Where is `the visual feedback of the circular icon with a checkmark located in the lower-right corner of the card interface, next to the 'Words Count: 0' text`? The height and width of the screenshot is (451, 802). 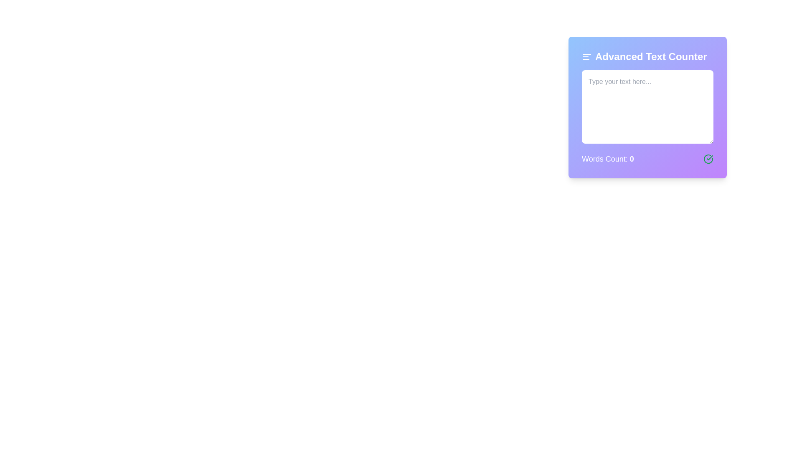 the visual feedback of the circular icon with a checkmark located in the lower-right corner of the card interface, next to the 'Words Count: 0' text is located at coordinates (708, 159).